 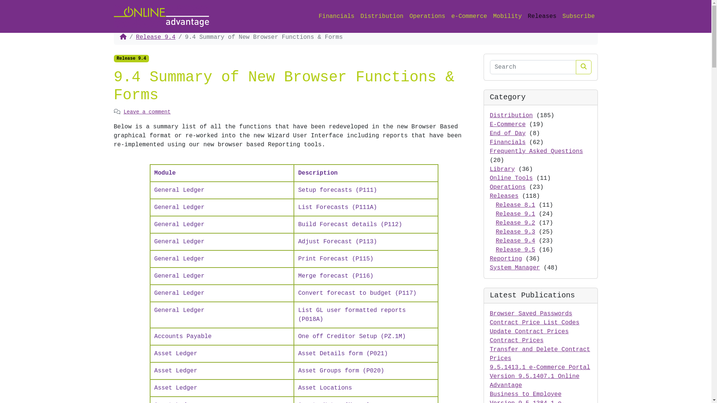 I want to click on 'Release 9.5', so click(x=515, y=250).